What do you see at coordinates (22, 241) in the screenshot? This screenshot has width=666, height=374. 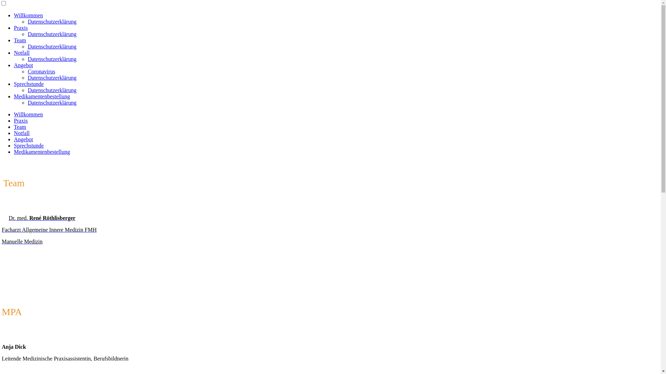 I see `'Manuelle Medizin'` at bounding box center [22, 241].